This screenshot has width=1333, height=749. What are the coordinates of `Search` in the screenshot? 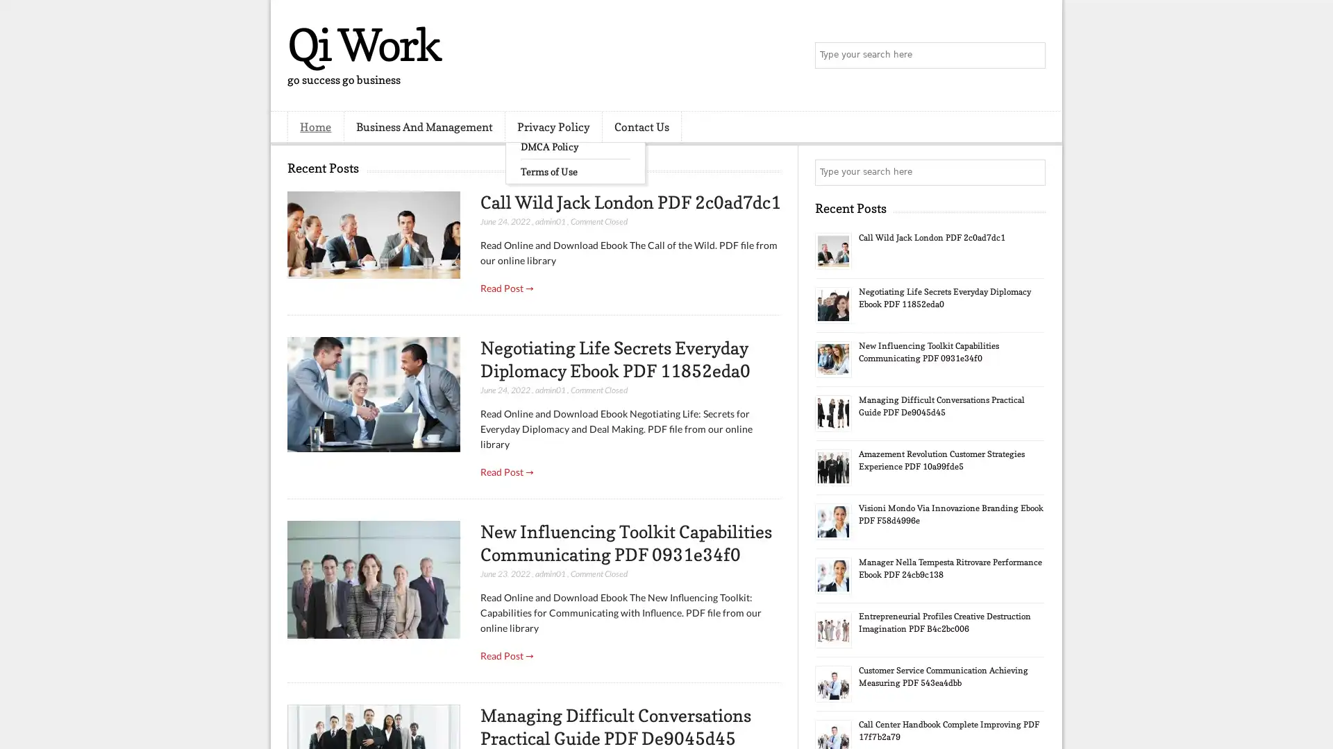 It's located at (1031, 55).